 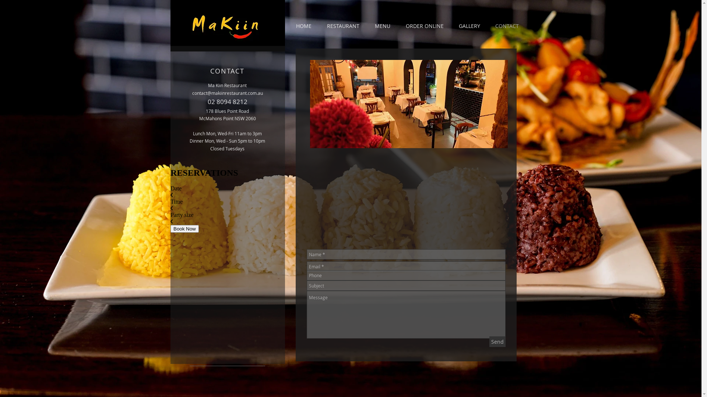 What do you see at coordinates (469, 25) in the screenshot?
I see `'GALLERY'` at bounding box center [469, 25].